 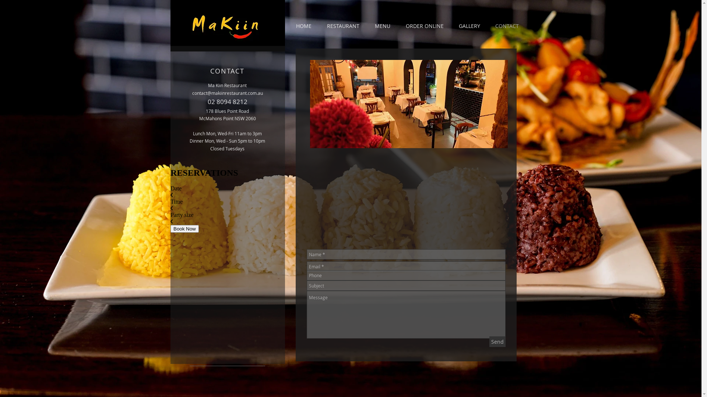 What do you see at coordinates (469, 25) in the screenshot?
I see `'GALLERY'` at bounding box center [469, 25].